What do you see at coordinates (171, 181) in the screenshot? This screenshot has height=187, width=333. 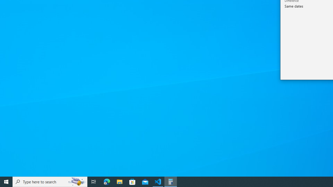 I see `'Calculator - 1 running window'` at bounding box center [171, 181].